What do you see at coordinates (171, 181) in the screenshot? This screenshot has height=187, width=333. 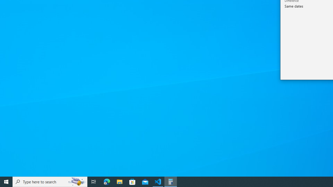 I see `'Calculator - 1 running window'` at bounding box center [171, 181].